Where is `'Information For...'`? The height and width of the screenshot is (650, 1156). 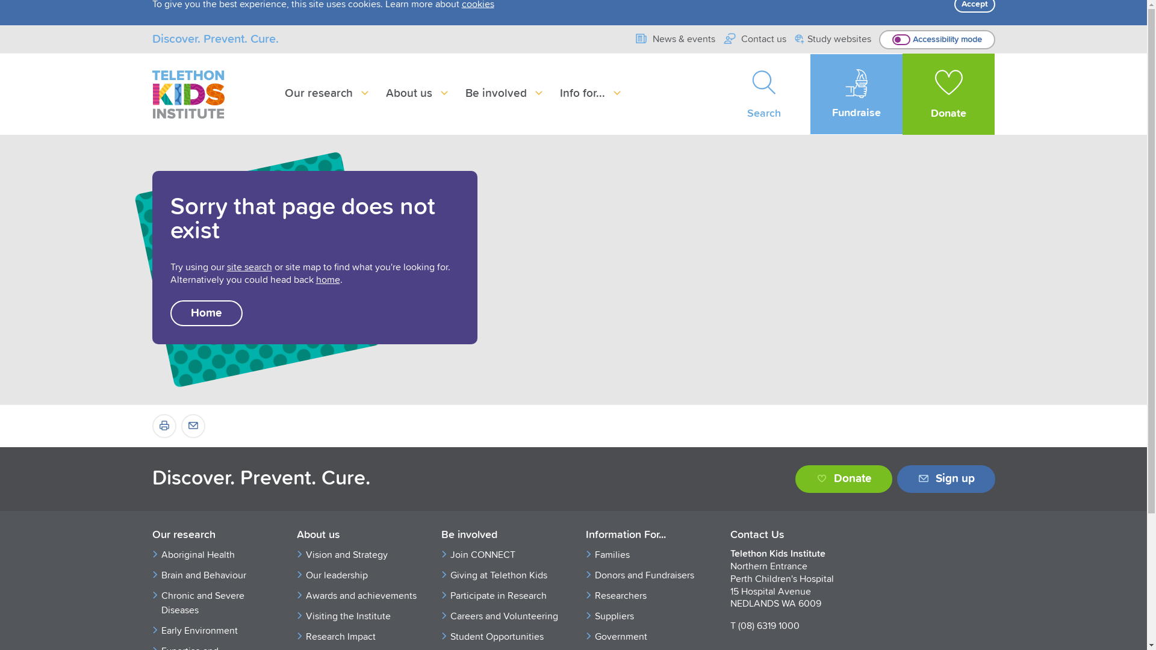
'Information For...' is located at coordinates (585, 535).